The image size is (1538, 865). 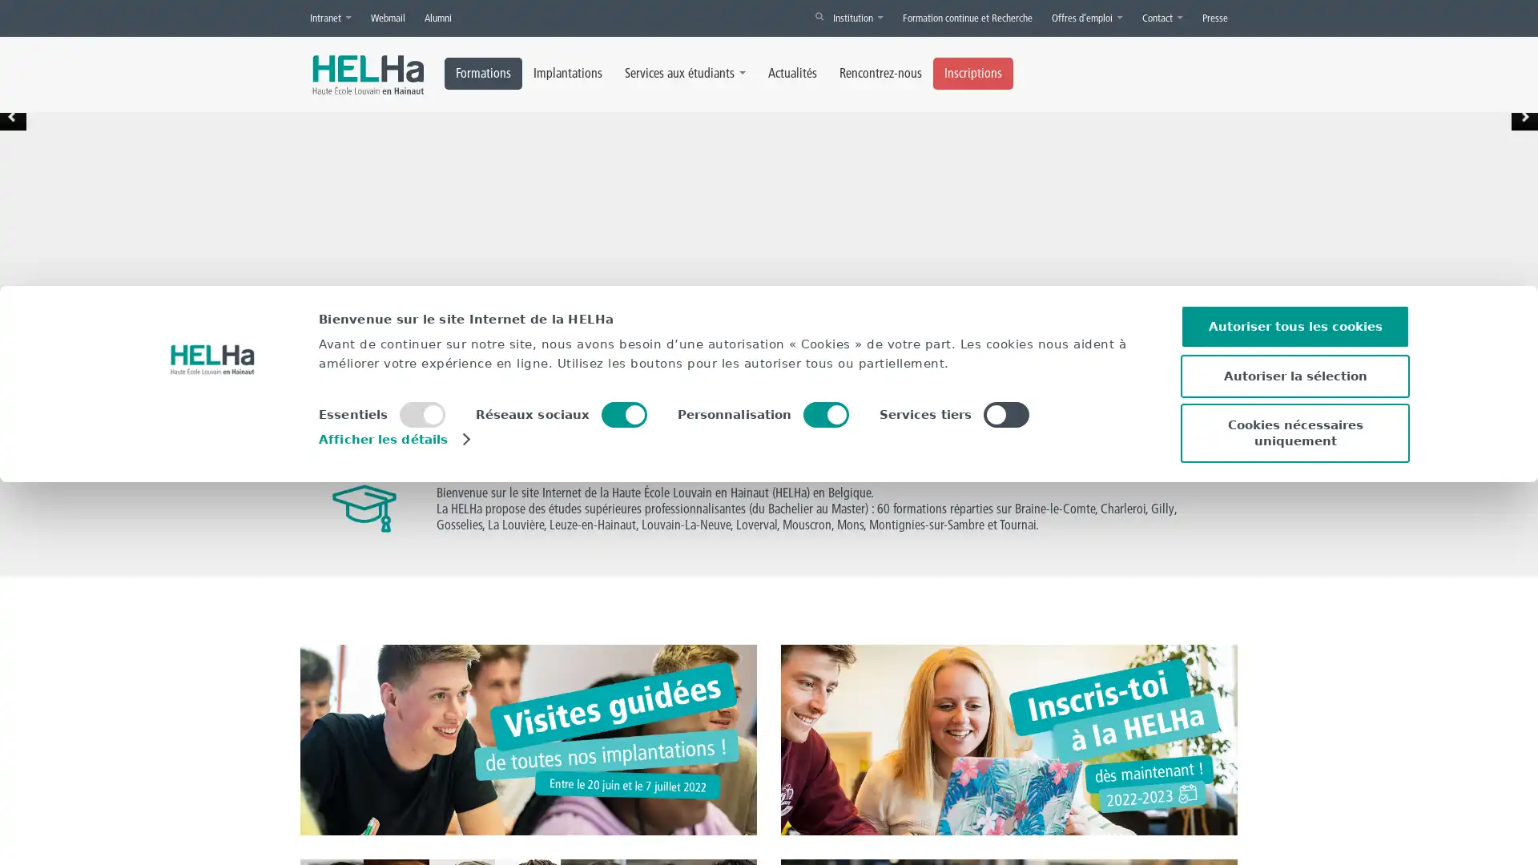 What do you see at coordinates (1295, 815) in the screenshot?
I see `Cookies necessaires uniquement` at bounding box center [1295, 815].